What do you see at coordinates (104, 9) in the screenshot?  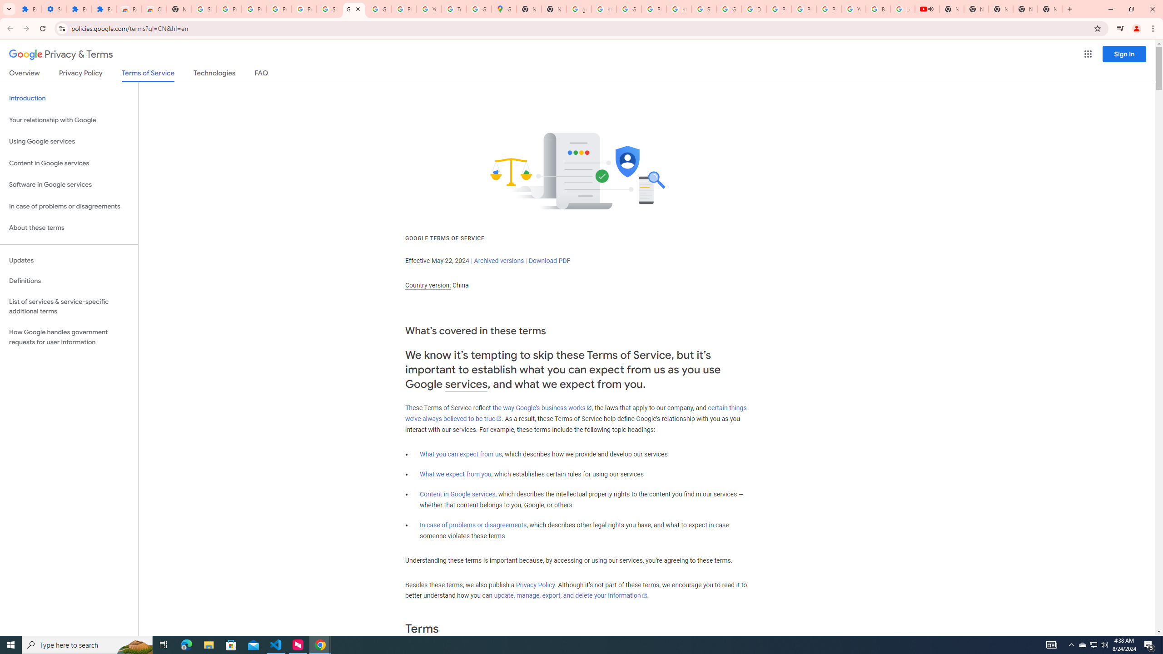 I see `'Extensions'` at bounding box center [104, 9].